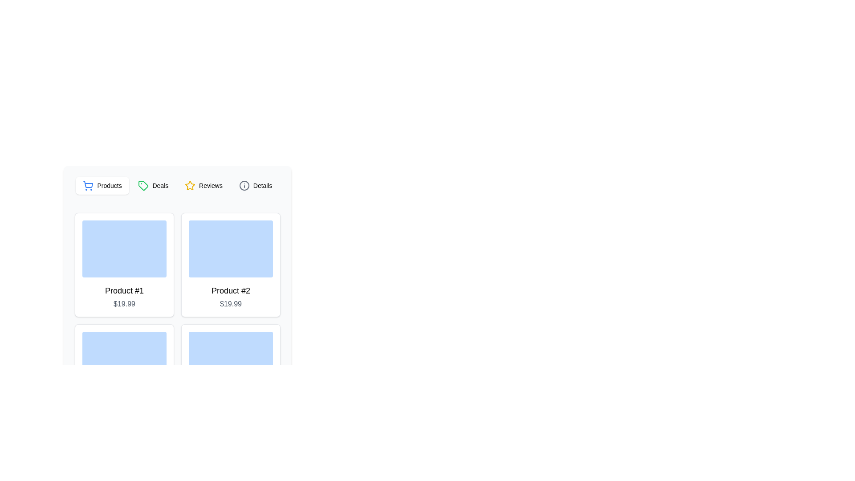 Image resolution: width=855 pixels, height=481 pixels. What do you see at coordinates (88, 184) in the screenshot?
I see `the shopping cart icon represented in blue stroke within the SVG, located in the top-left corner of the interface, adjacent to the 'Products' label` at bounding box center [88, 184].